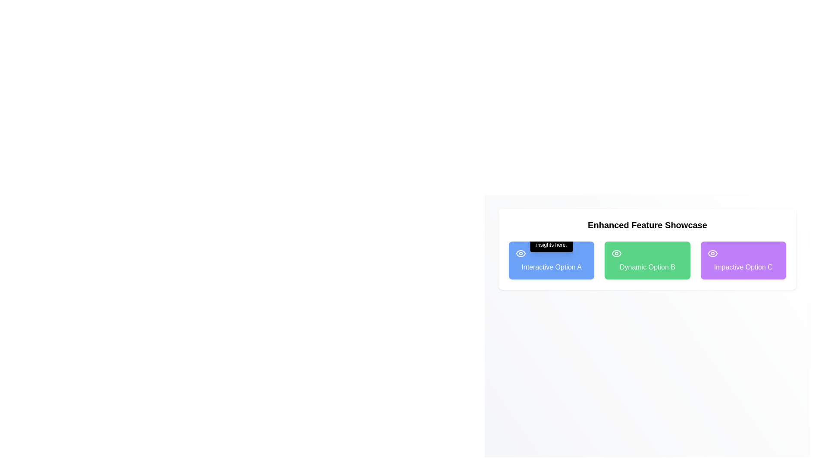  What do you see at coordinates (616, 253) in the screenshot?
I see `the eye icon in the middle card labeled 'Dynamic Option B', which serves as a button for view-related actions` at bounding box center [616, 253].